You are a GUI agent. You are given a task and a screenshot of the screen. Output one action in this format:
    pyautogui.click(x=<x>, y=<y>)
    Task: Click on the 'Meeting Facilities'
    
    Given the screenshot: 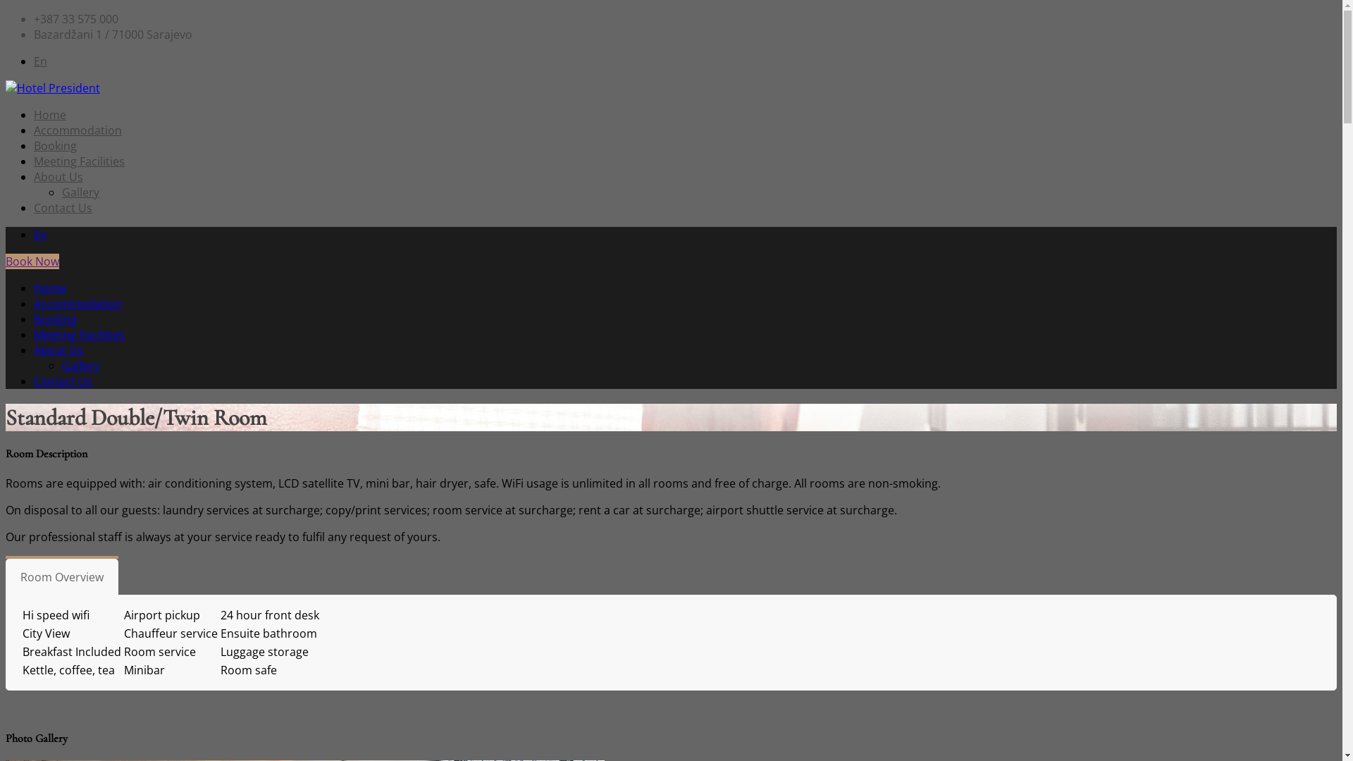 What is the action you would take?
    pyautogui.click(x=78, y=160)
    